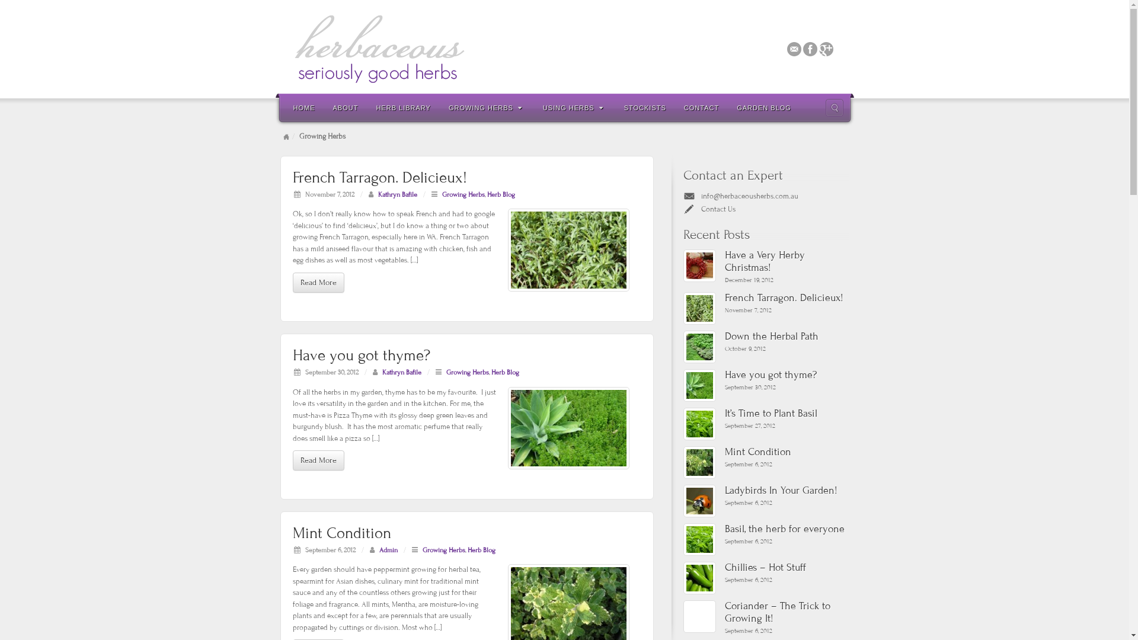 The image size is (1138, 640). What do you see at coordinates (388, 550) in the screenshot?
I see `'Admin'` at bounding box center [388, 550].